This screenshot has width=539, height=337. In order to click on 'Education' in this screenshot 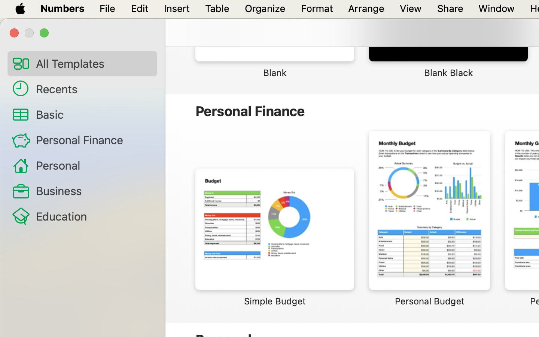, I will do `click(93, 216)`.